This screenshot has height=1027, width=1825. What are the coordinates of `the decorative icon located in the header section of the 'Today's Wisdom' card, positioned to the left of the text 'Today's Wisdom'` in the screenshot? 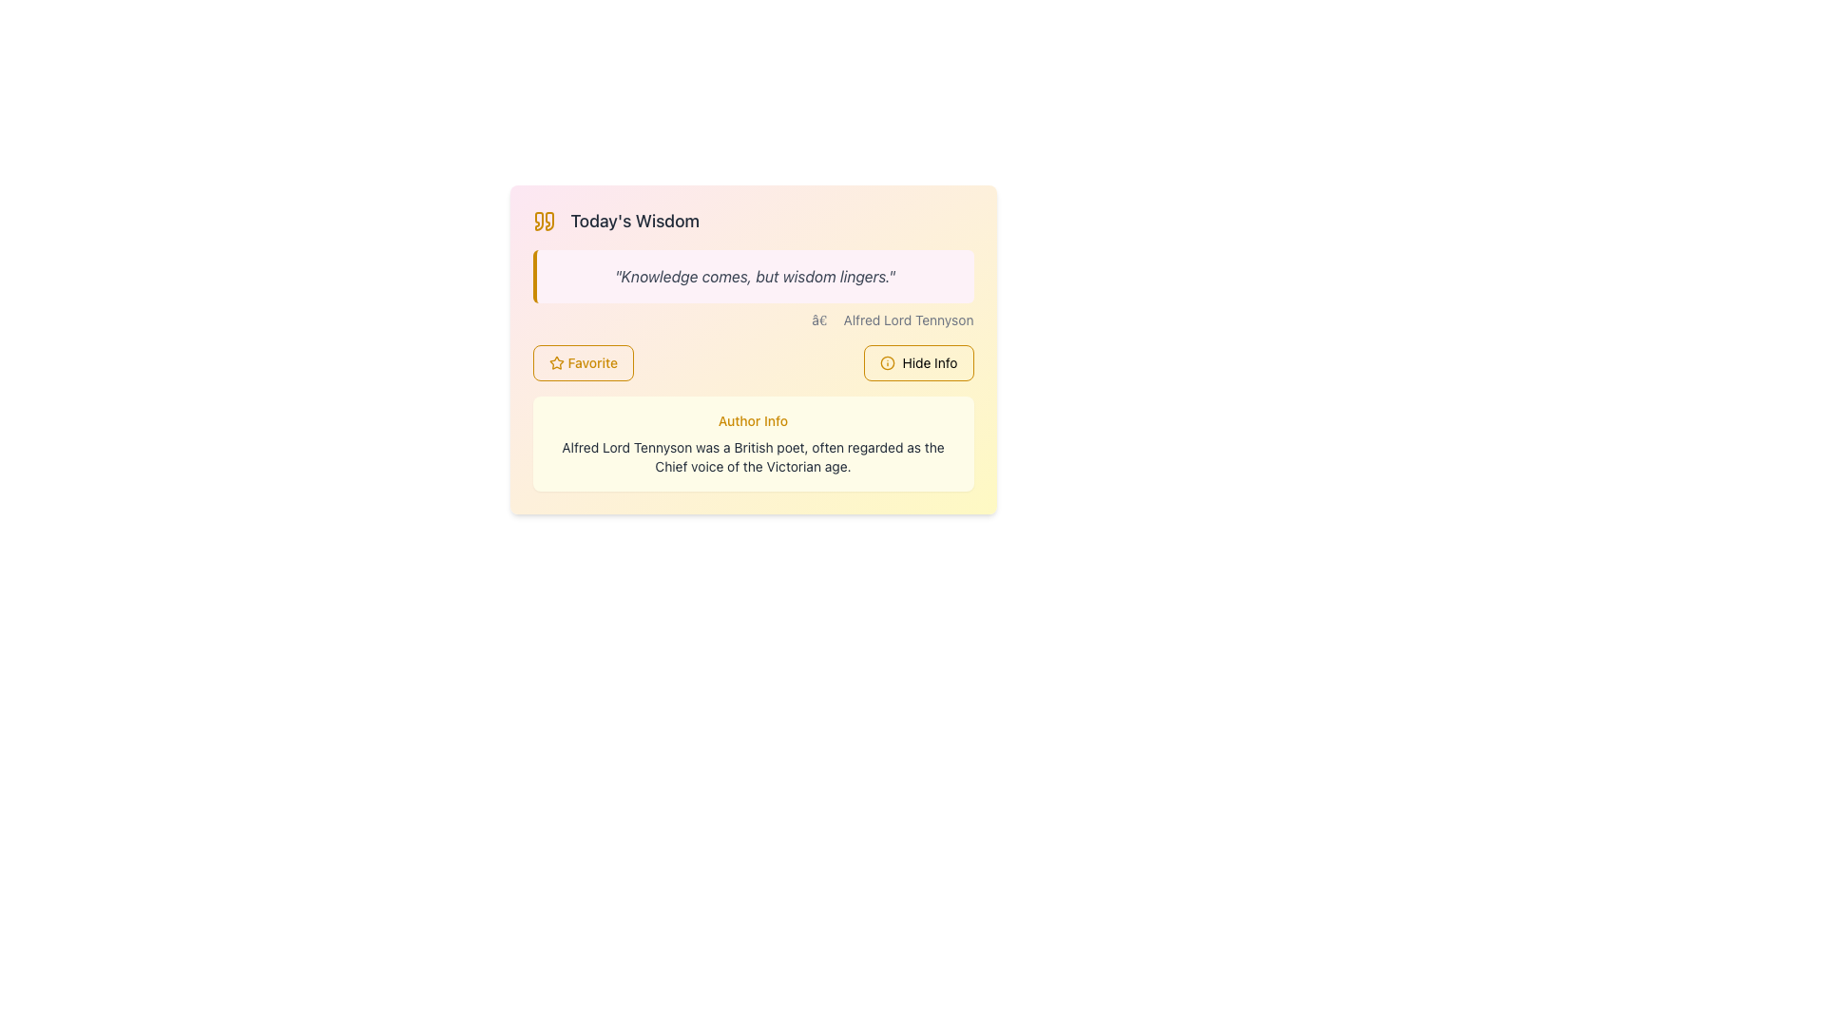 It's located at (543, 220).